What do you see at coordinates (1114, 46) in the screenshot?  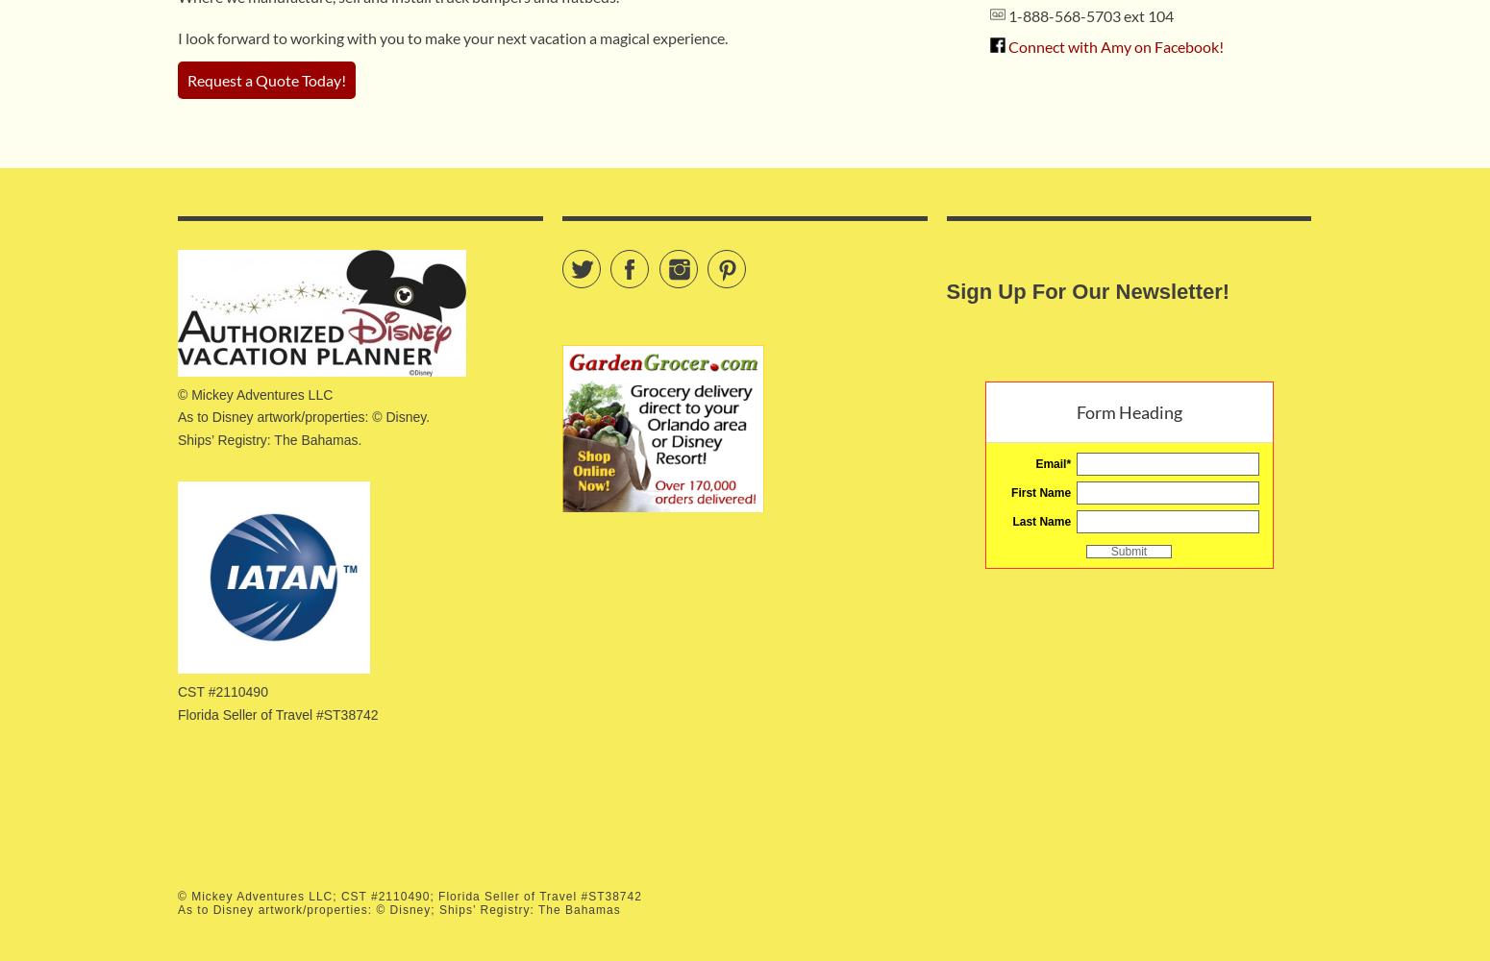 I see `'Connect with Amy on Facebook!'` at bounding box center [1114, 46].